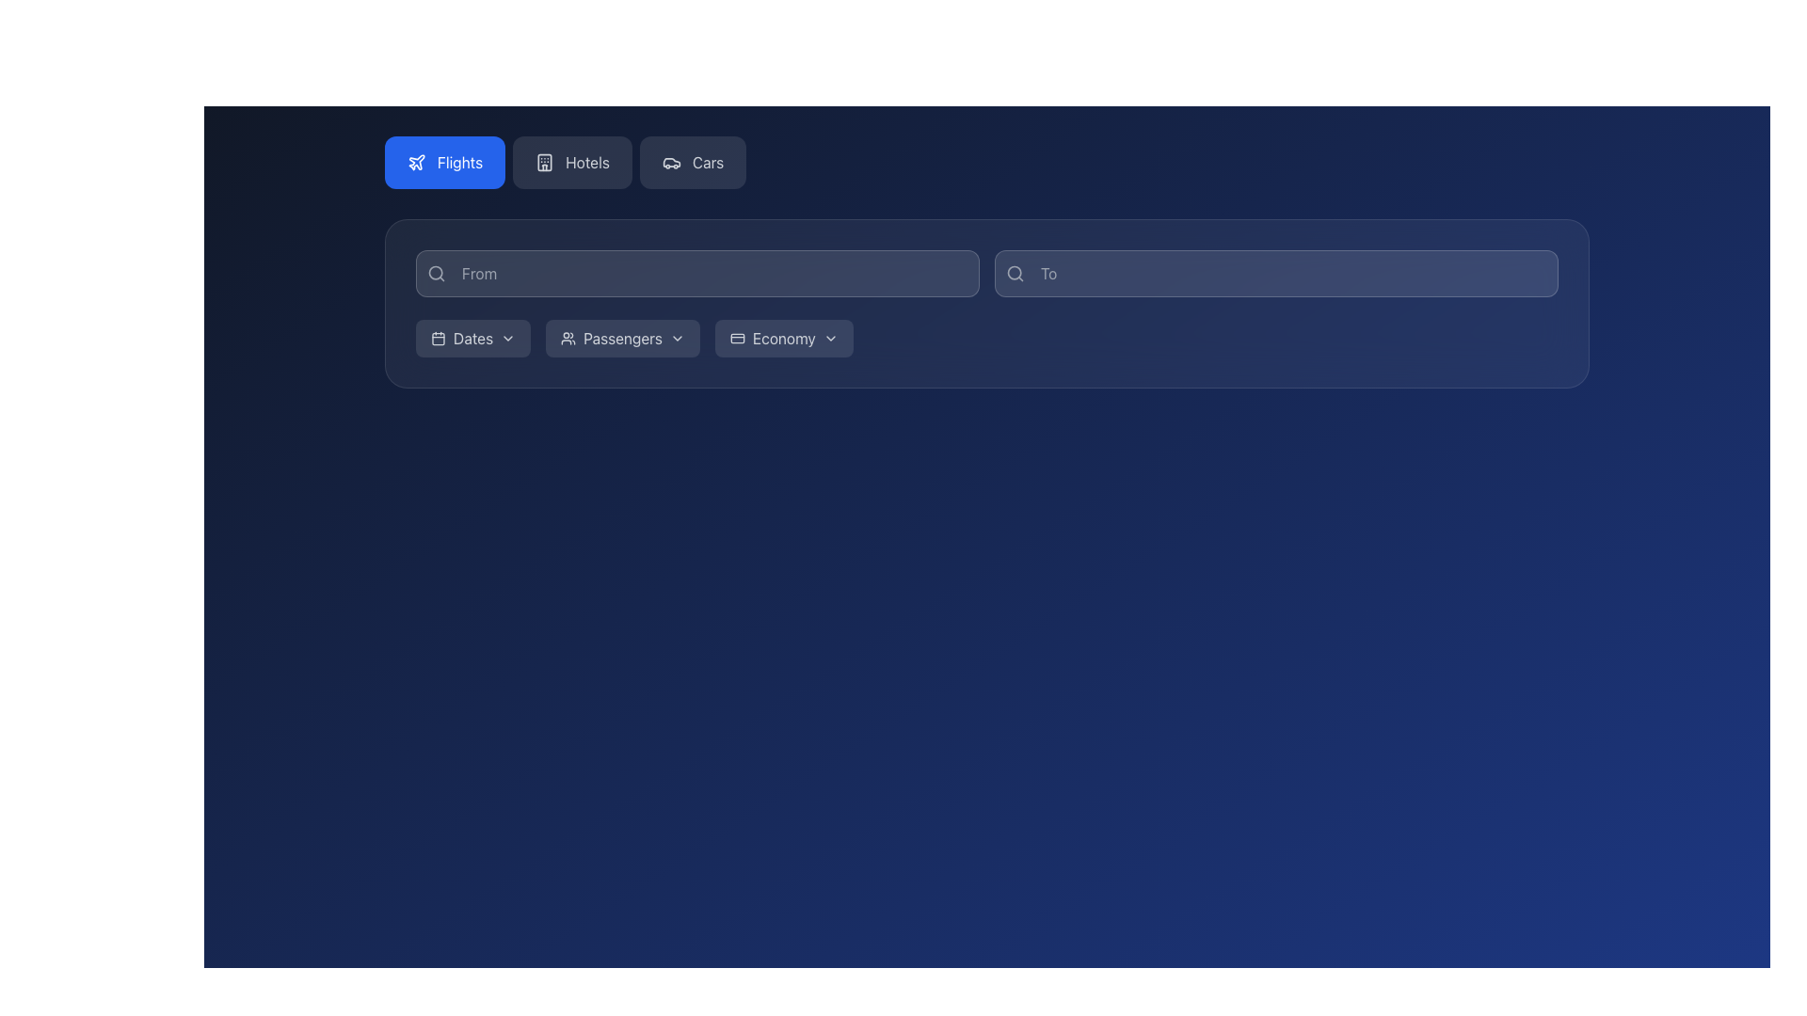 This screenshot has width=1807, height=1016. I want to click on the grouped input fields consisting of 'From' and 'To' search input fields, so click(986, 273).